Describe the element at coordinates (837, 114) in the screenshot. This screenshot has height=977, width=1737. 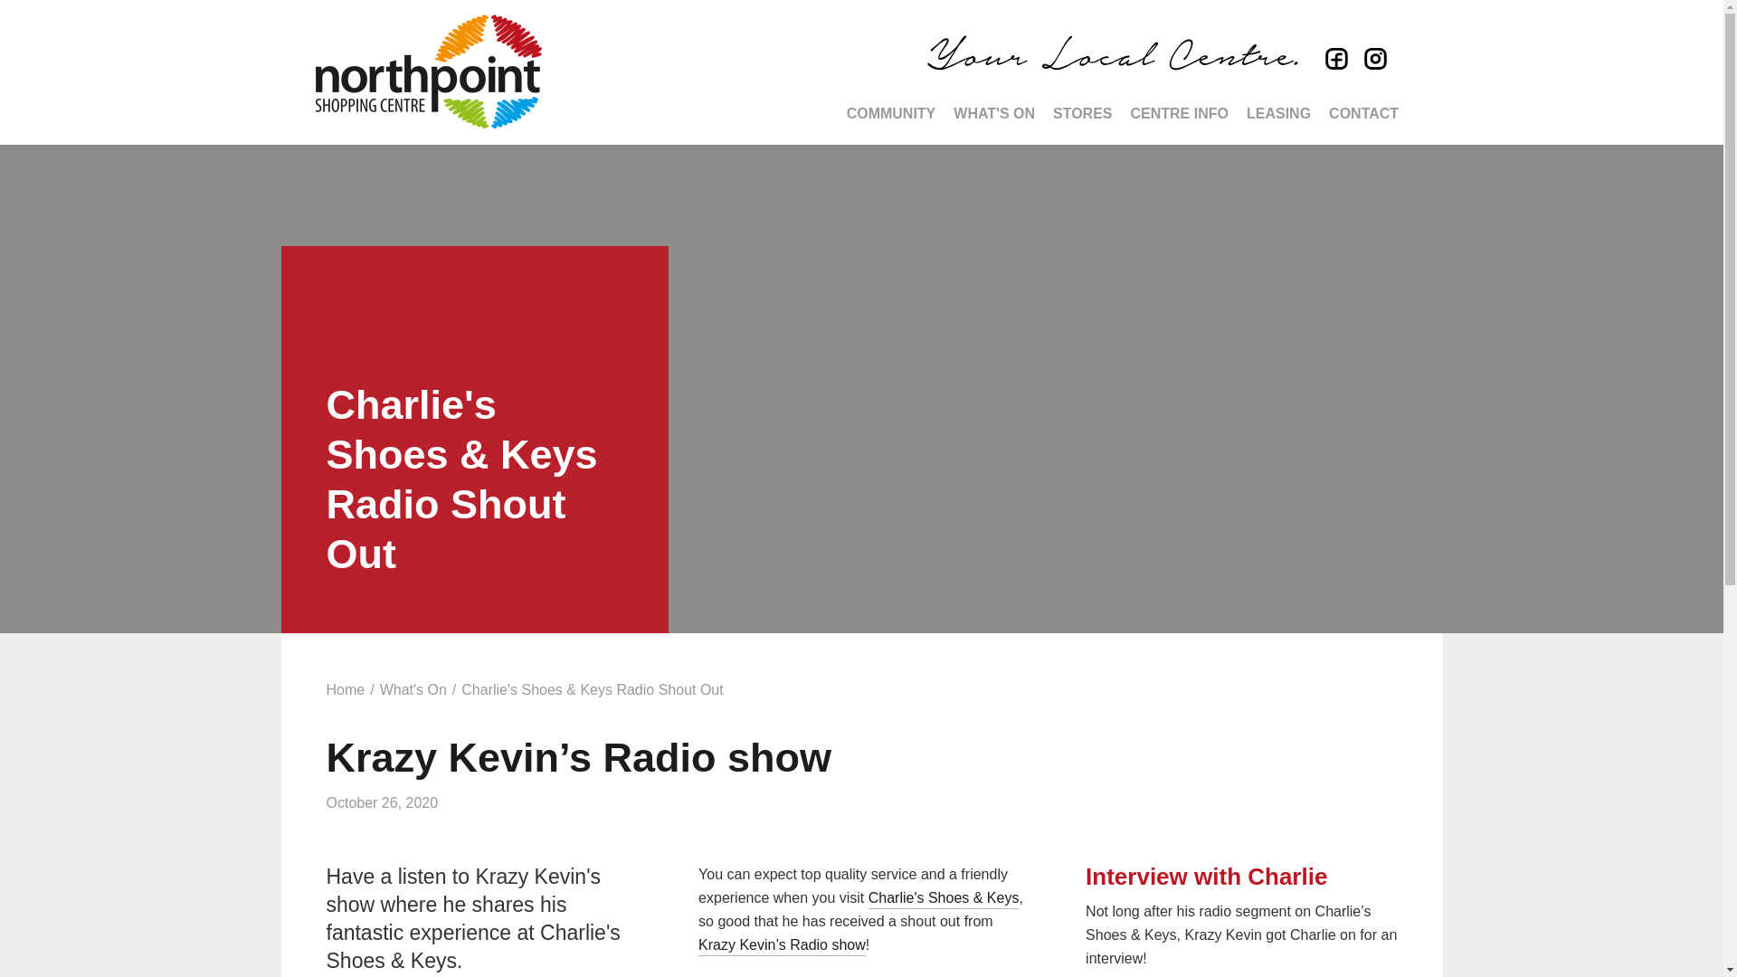
I see `'COMMUNITY'` at that location.